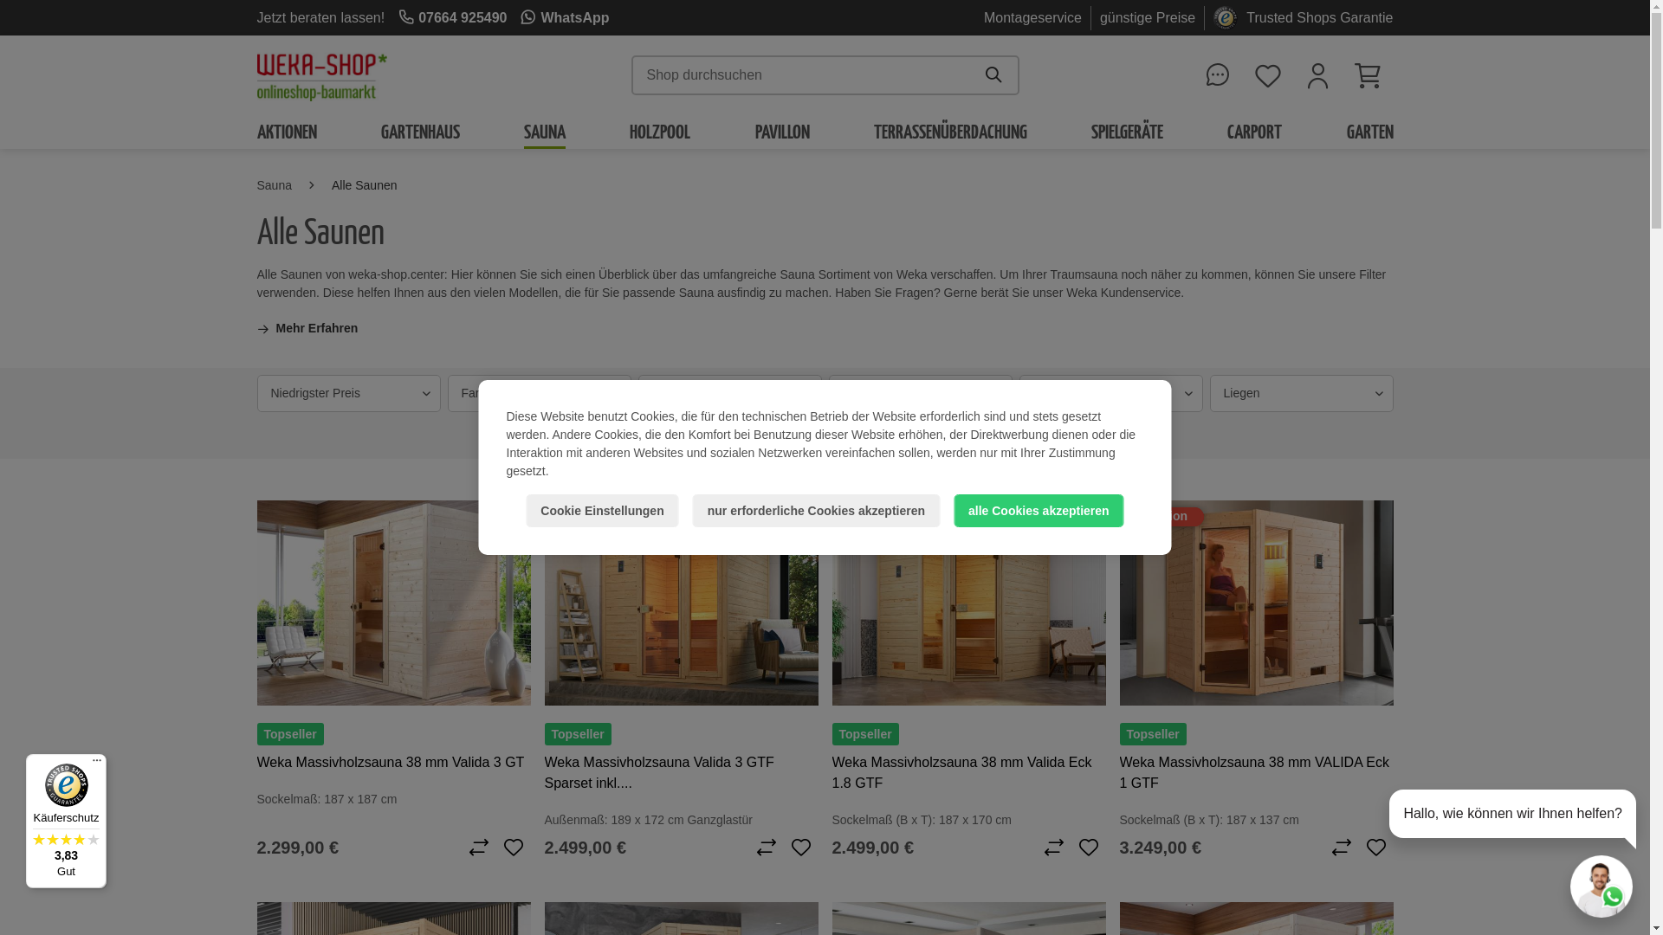  What do you see at coordinates (543, 129) in the screenshot?
I see `'SAUNA'` at bounding box center [543, 129].